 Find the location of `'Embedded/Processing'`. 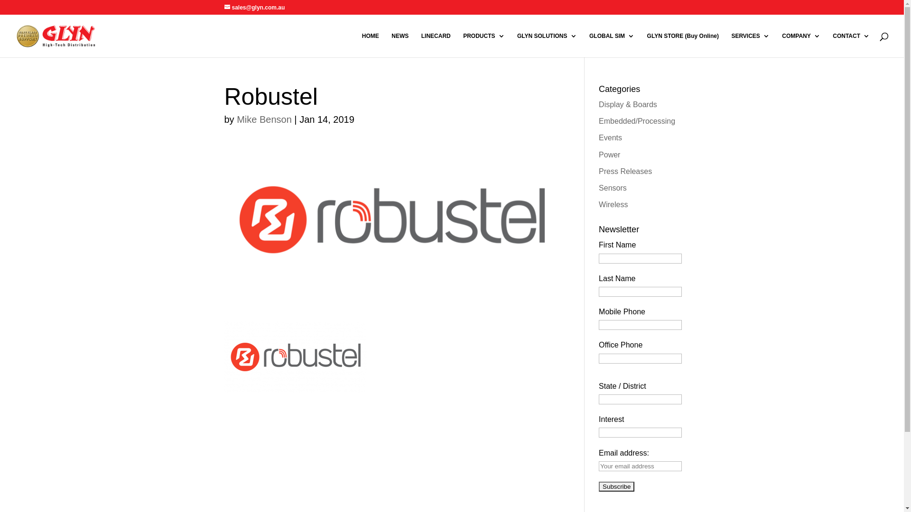

'Embedded/Processing' is located at coordinates (598, 120).